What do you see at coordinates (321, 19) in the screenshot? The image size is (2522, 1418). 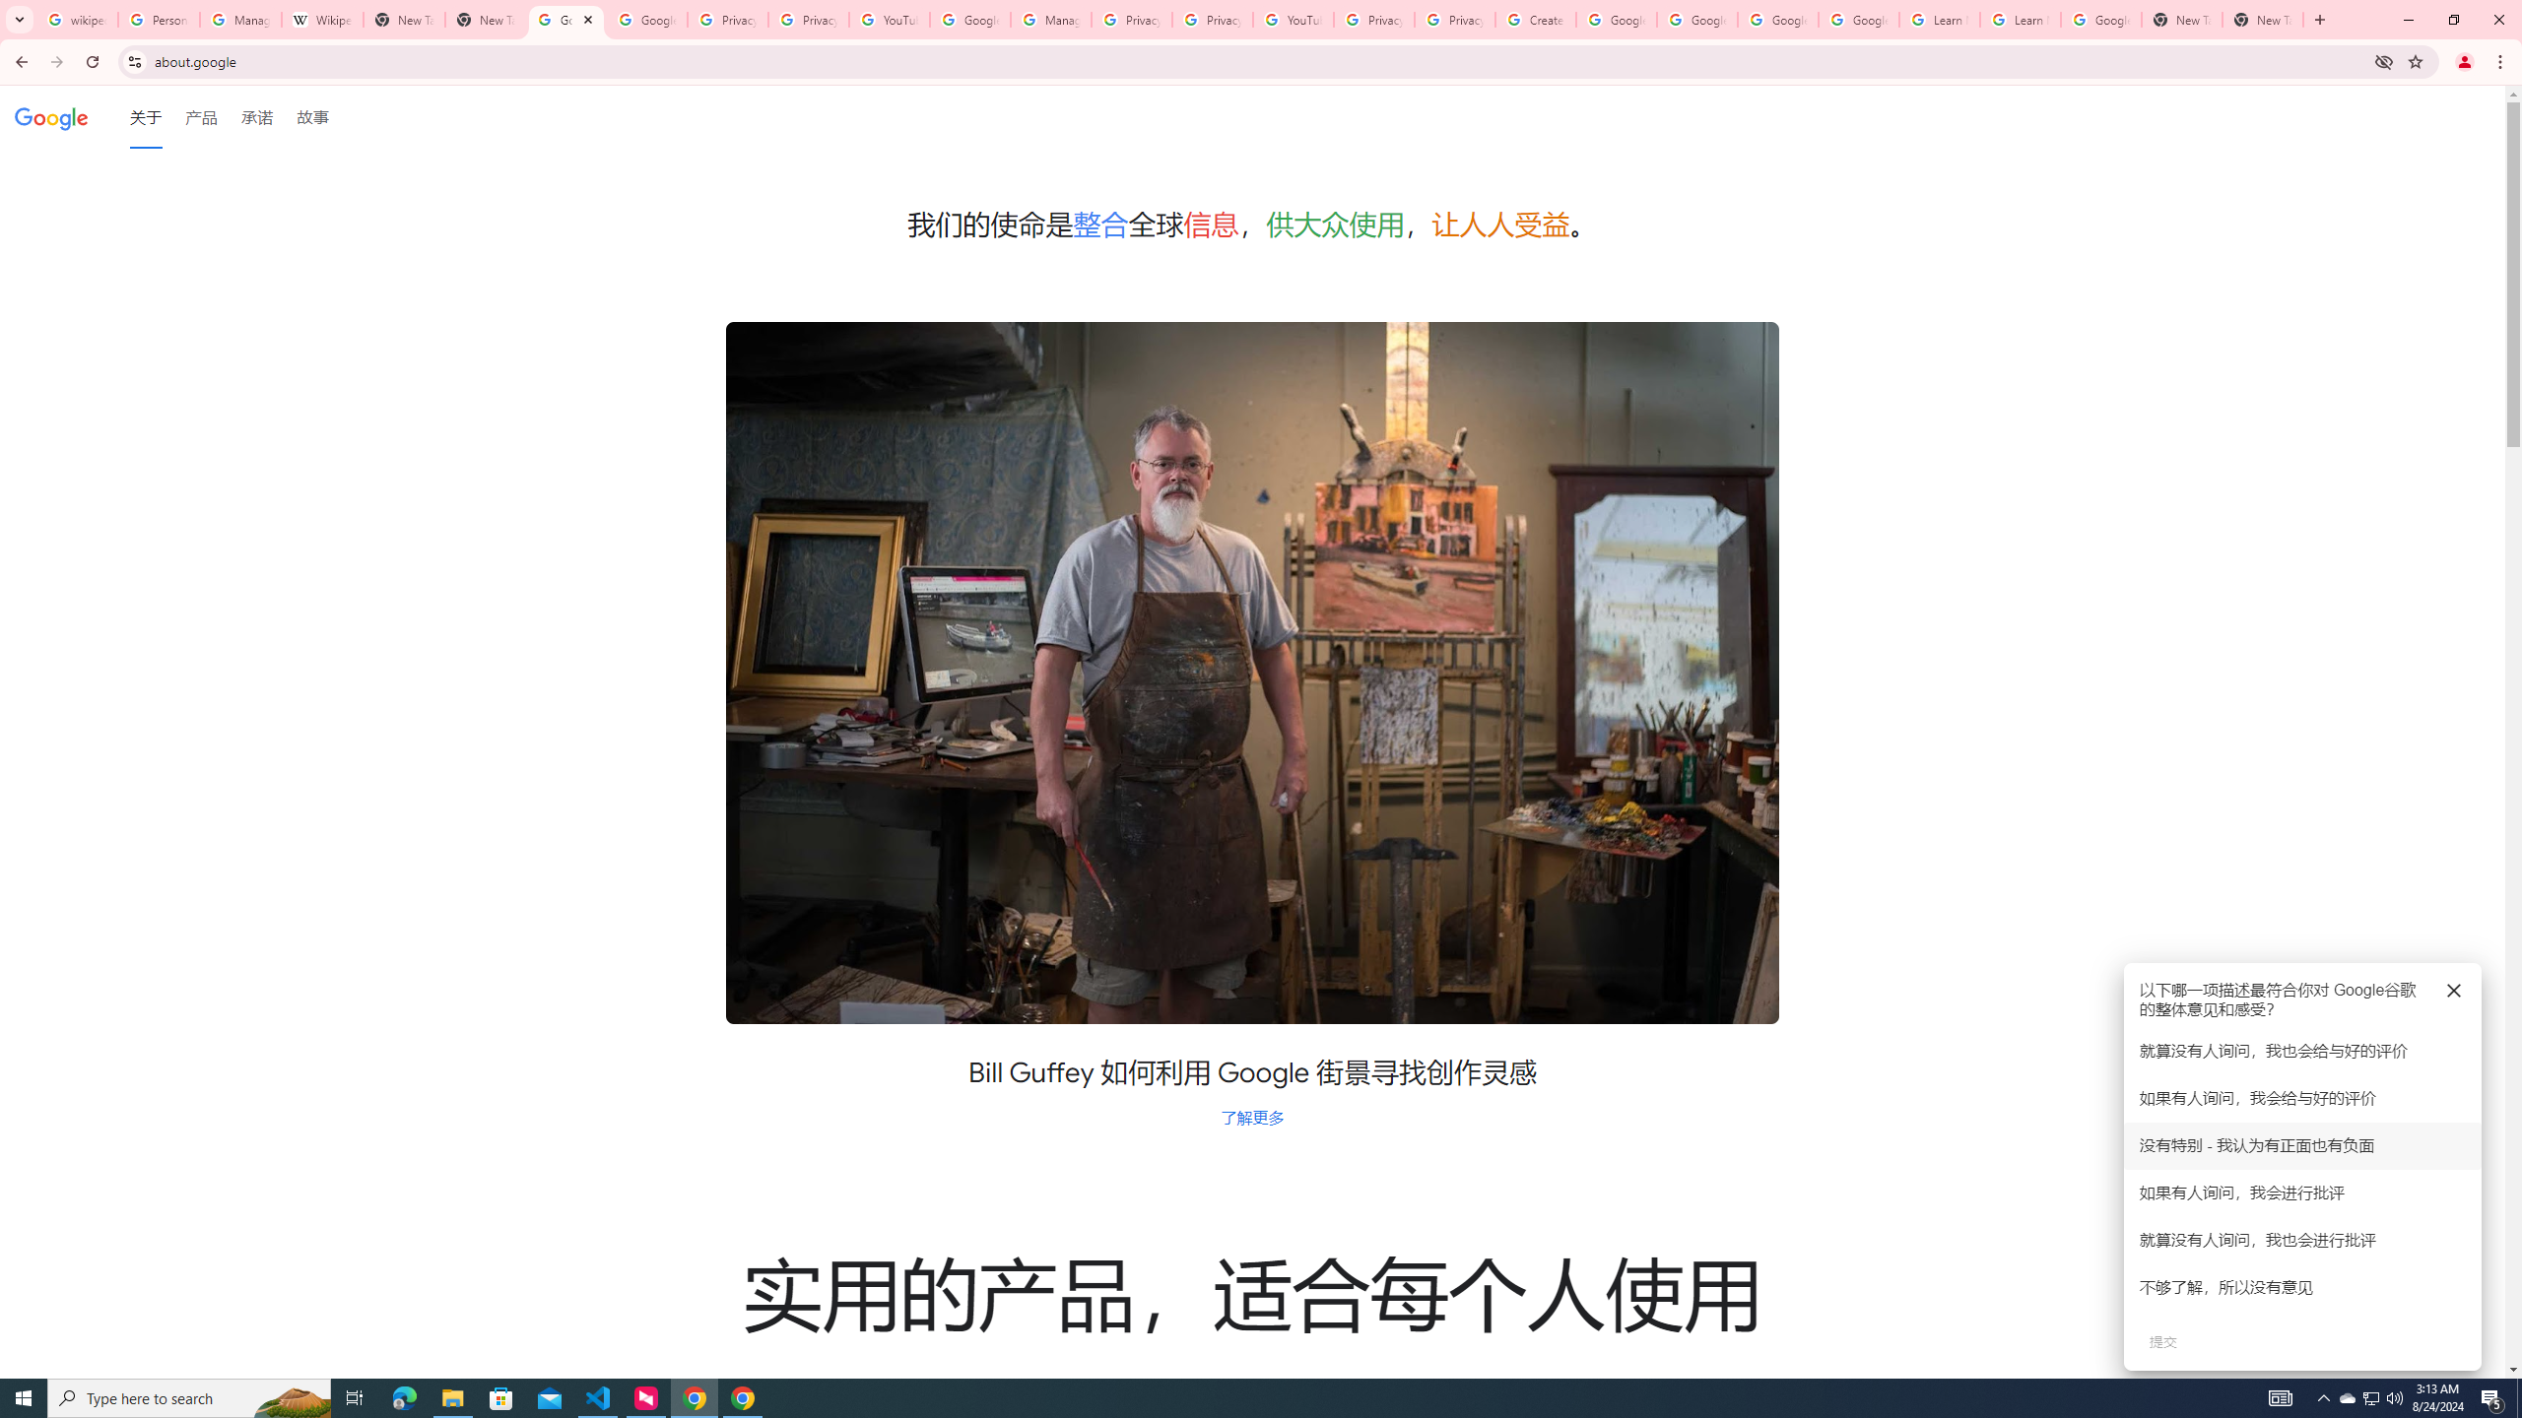 I see `'Wikipedia:Edit requests - Wikipedia'` at bounding box center [321, 19].